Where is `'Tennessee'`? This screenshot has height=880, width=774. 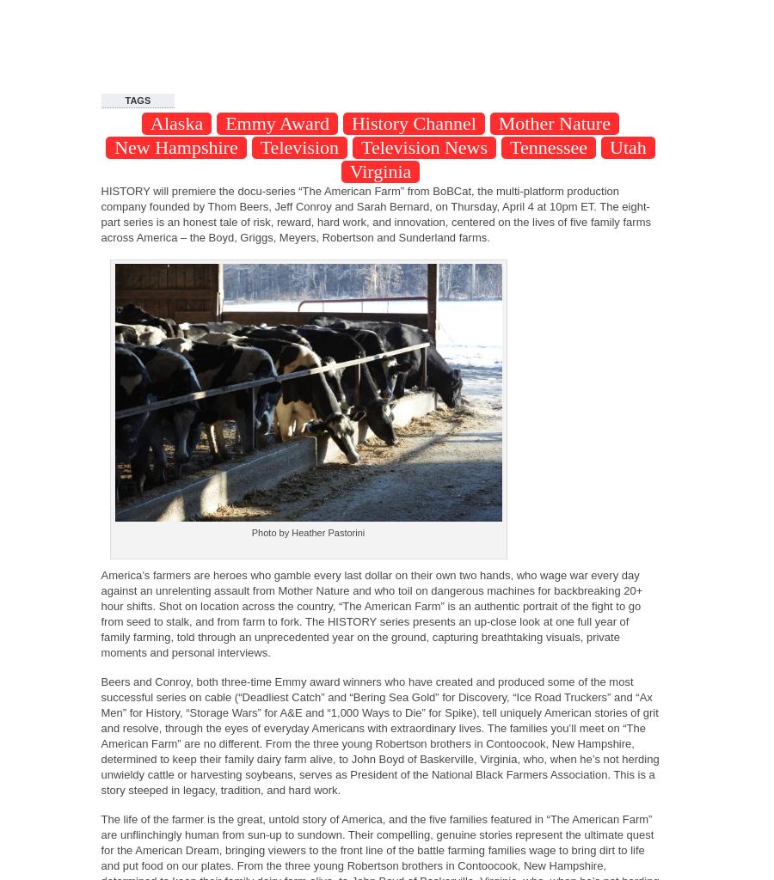
'Tennessee' is located at coordinates (549, 147).